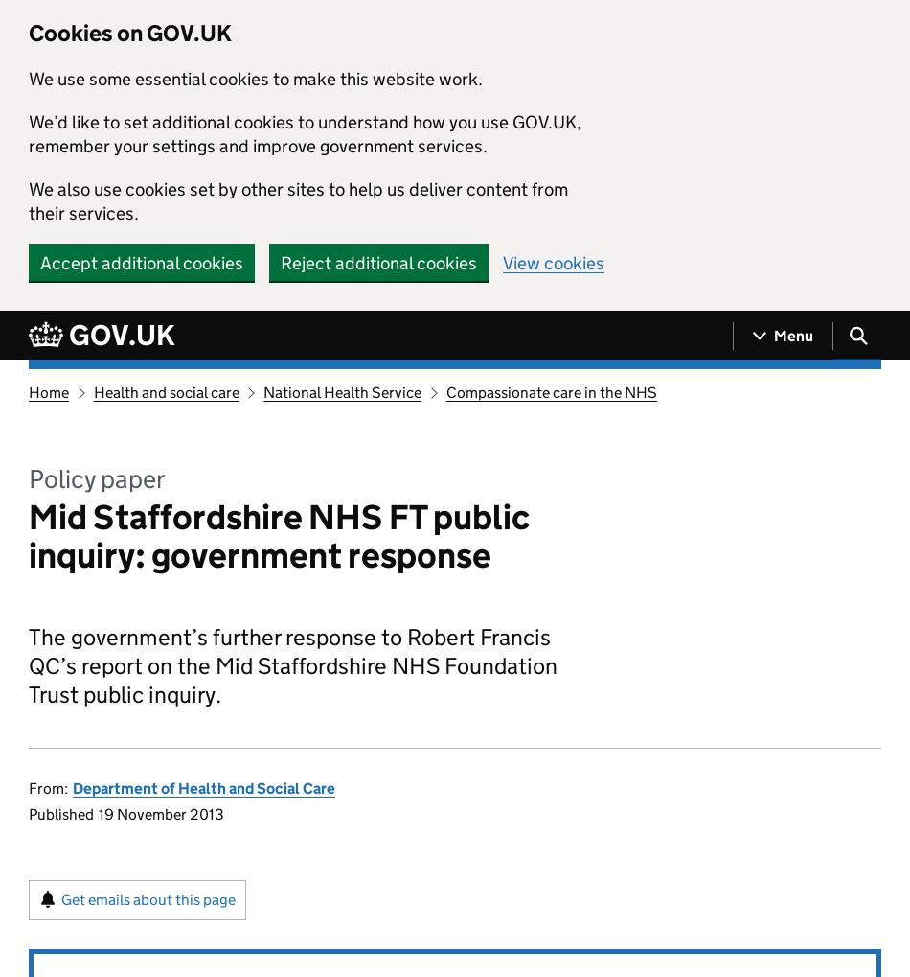 The width and height of the screenshot is (910, 977). What do you see at coordinates (551, 391) in the screenshot?
I see `'Compassionate care in the NHS'` at bounding box center [551, 391].